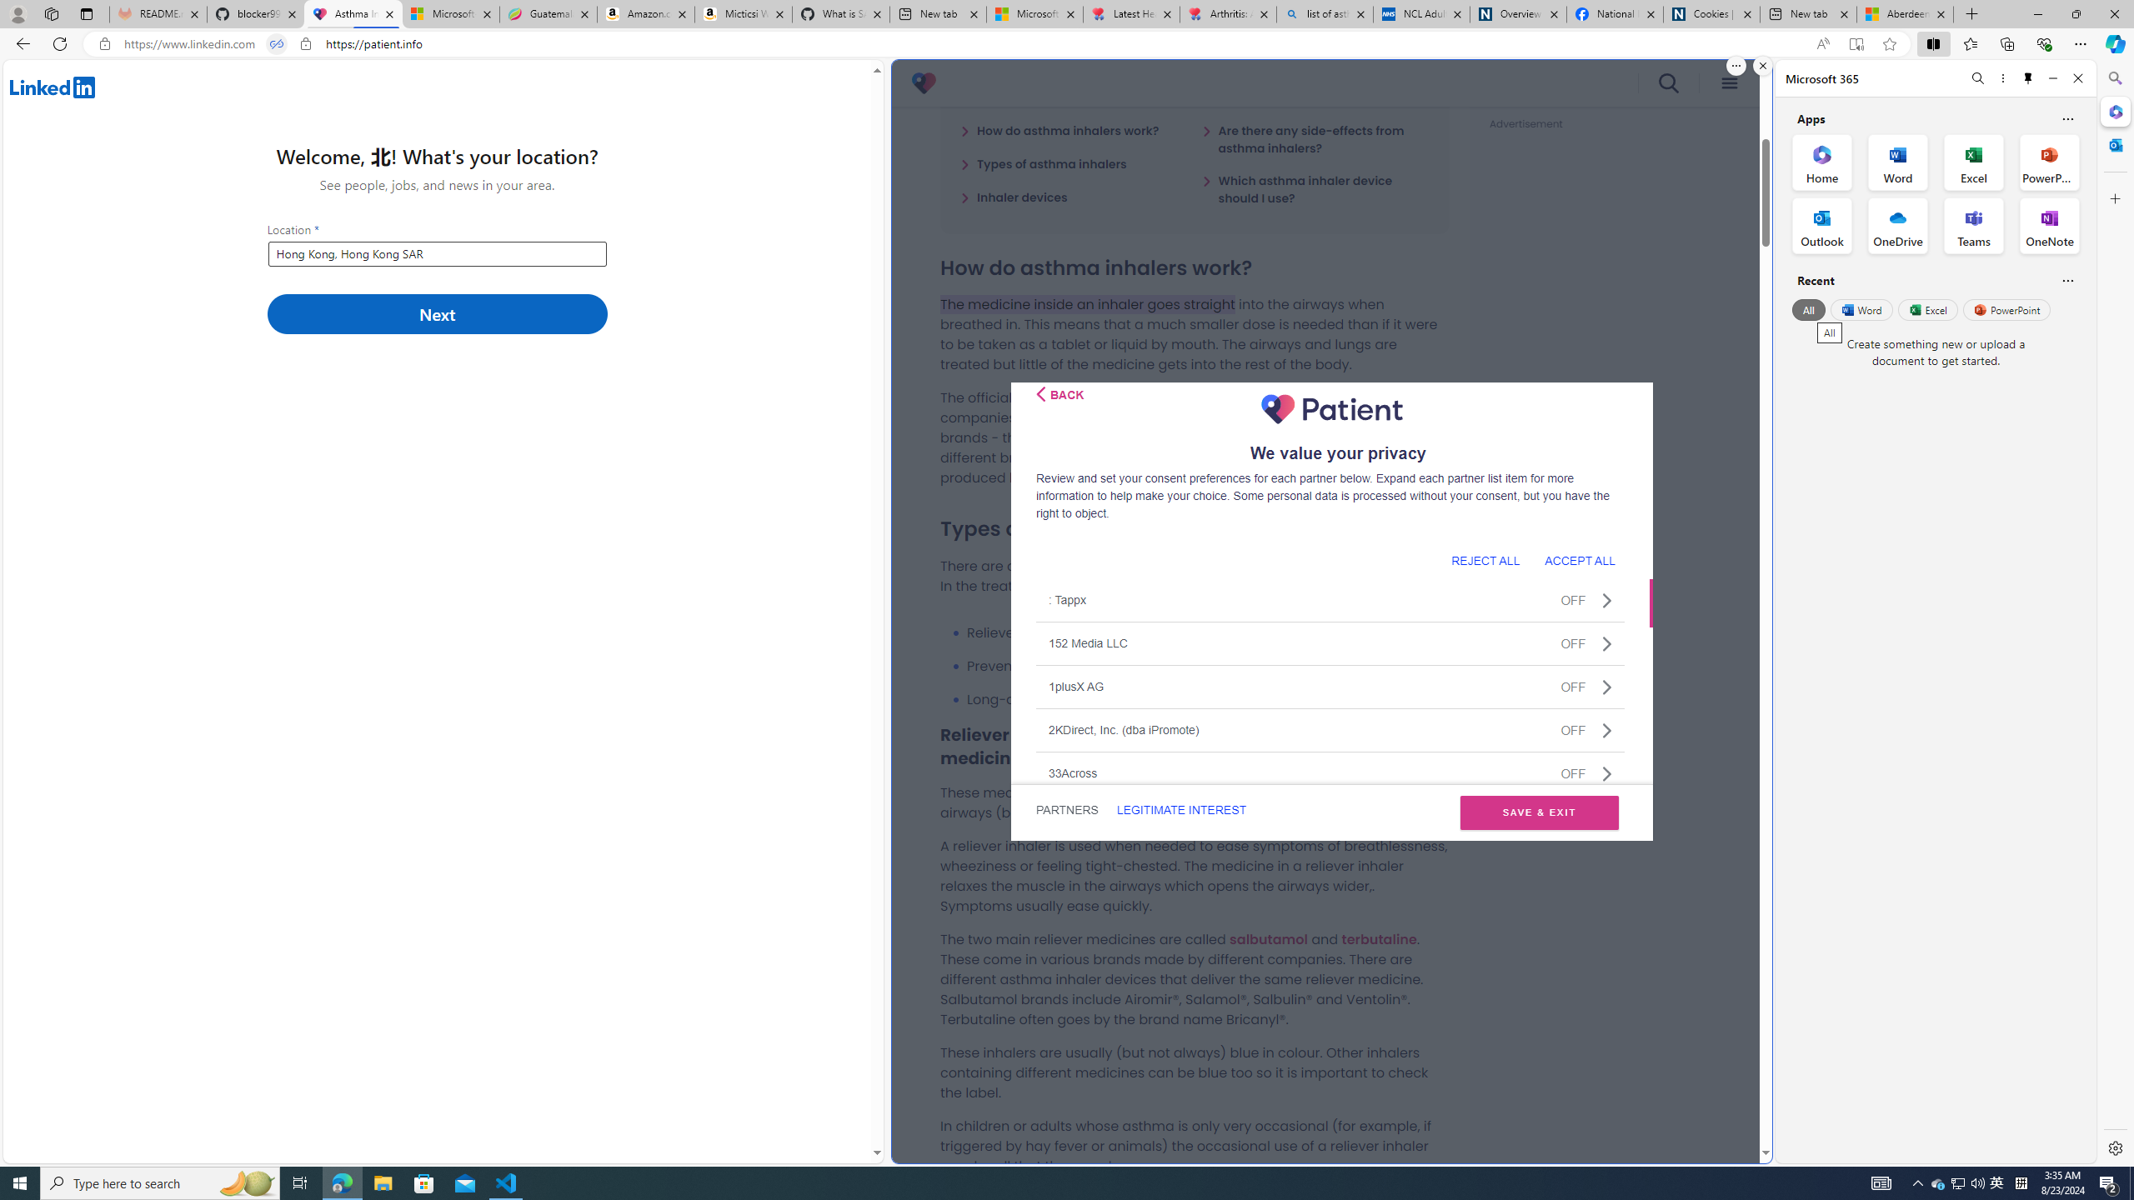  What do you see at coordinates (1856, 44) in the screenshot?
I see `'Enter Immersive Reader (F9)'` at bounding box center [1856, 44].